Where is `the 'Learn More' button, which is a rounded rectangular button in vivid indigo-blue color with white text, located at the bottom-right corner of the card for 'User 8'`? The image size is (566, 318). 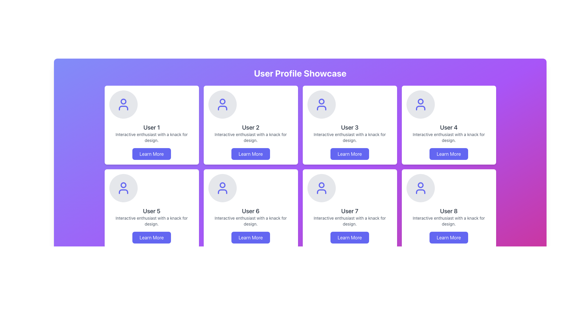
the 'Learn More' button, which is a rounded rectangular button in vivid indigo-blue color with white text, located at the bottom-right corner of the card for 'User 8' is located at coordinates (448, 237).